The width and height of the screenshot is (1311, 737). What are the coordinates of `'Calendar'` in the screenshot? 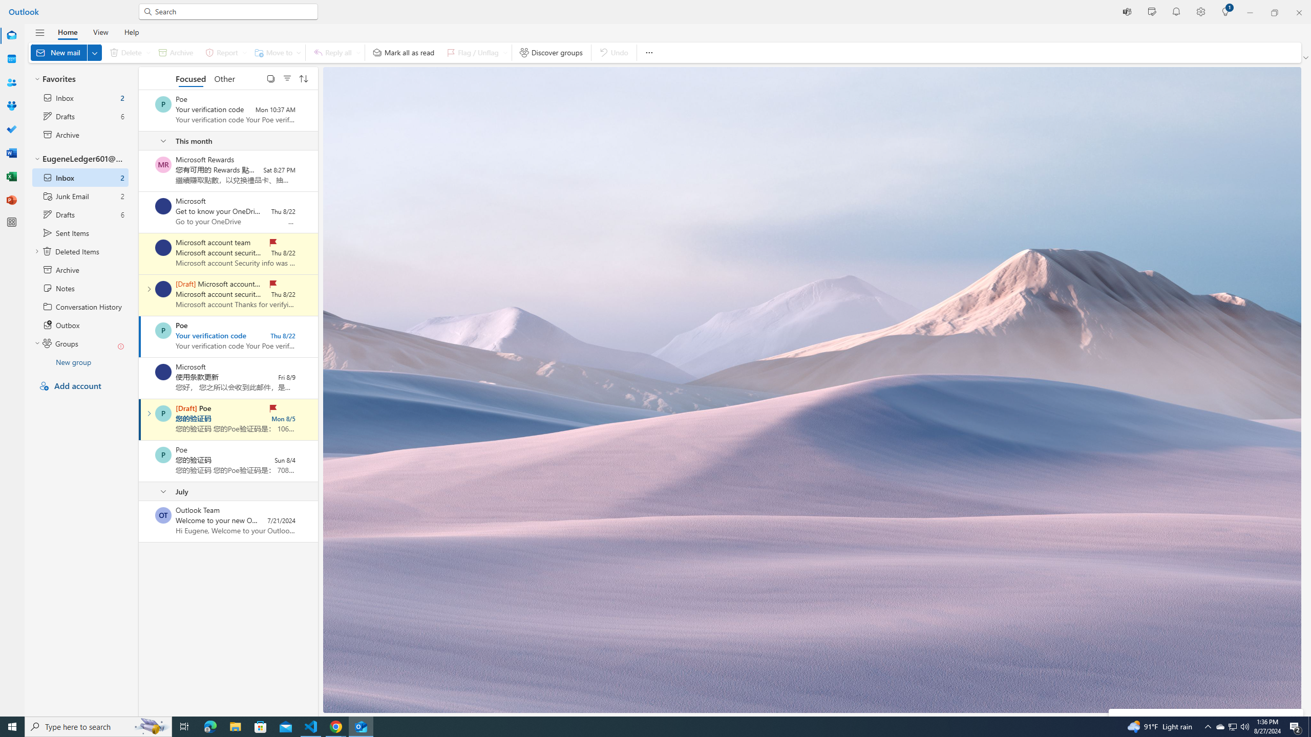 It's located at (12, 58).